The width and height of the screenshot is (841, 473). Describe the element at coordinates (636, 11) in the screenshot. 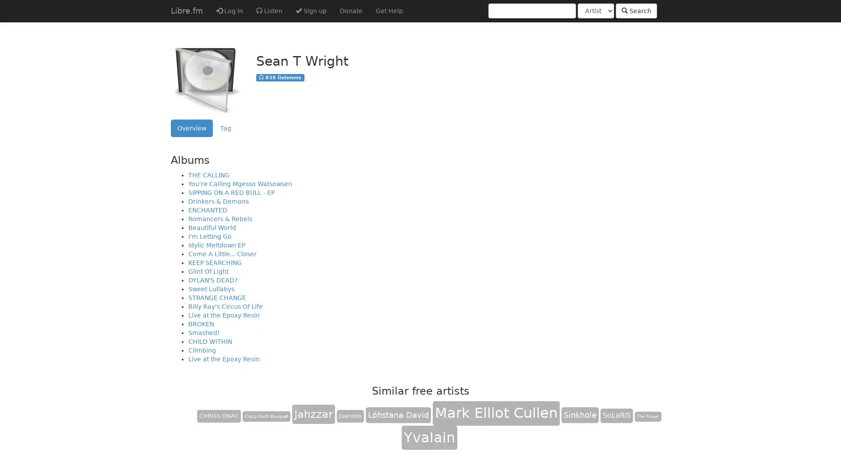

I see `Search` at that location.